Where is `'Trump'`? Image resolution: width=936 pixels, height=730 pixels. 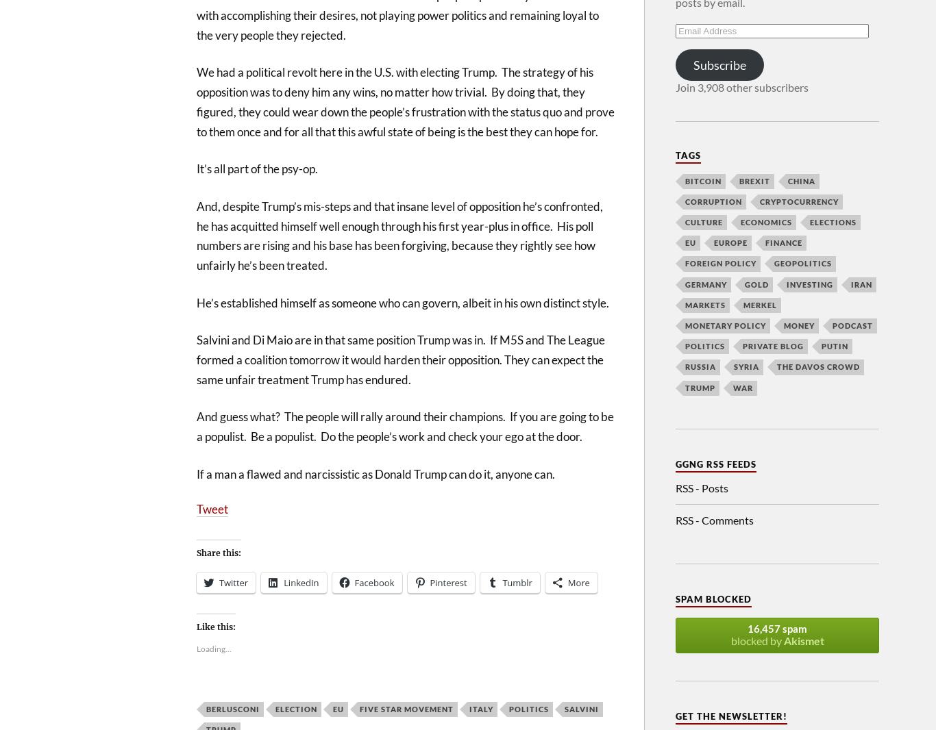 'Trump' is located at coordinates (685, 386).